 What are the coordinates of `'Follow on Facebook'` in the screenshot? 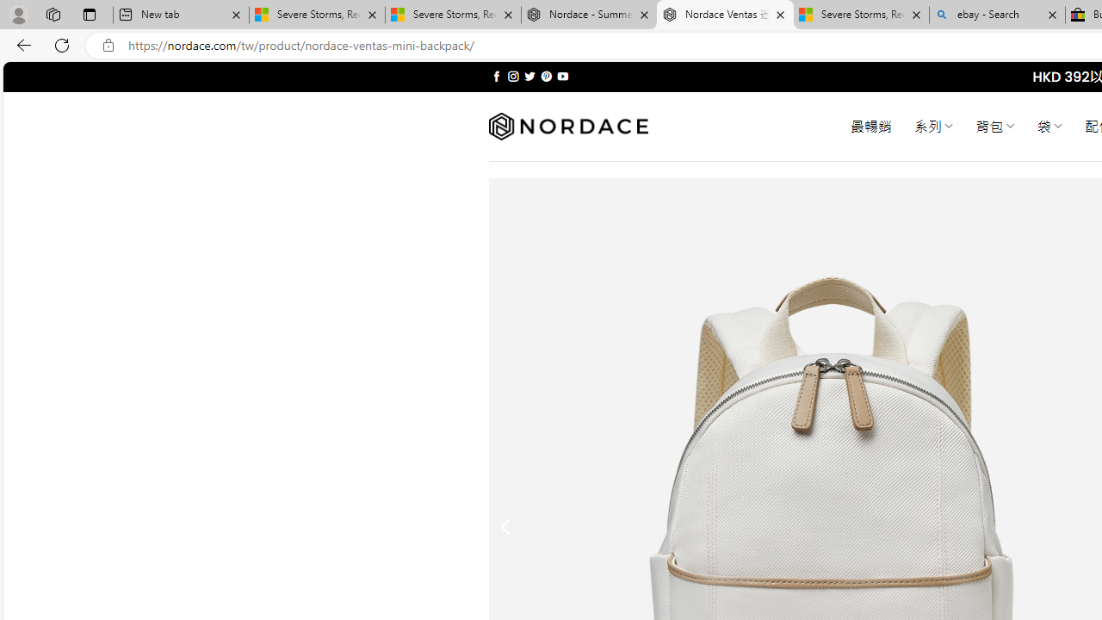 It's located at (496, 76).